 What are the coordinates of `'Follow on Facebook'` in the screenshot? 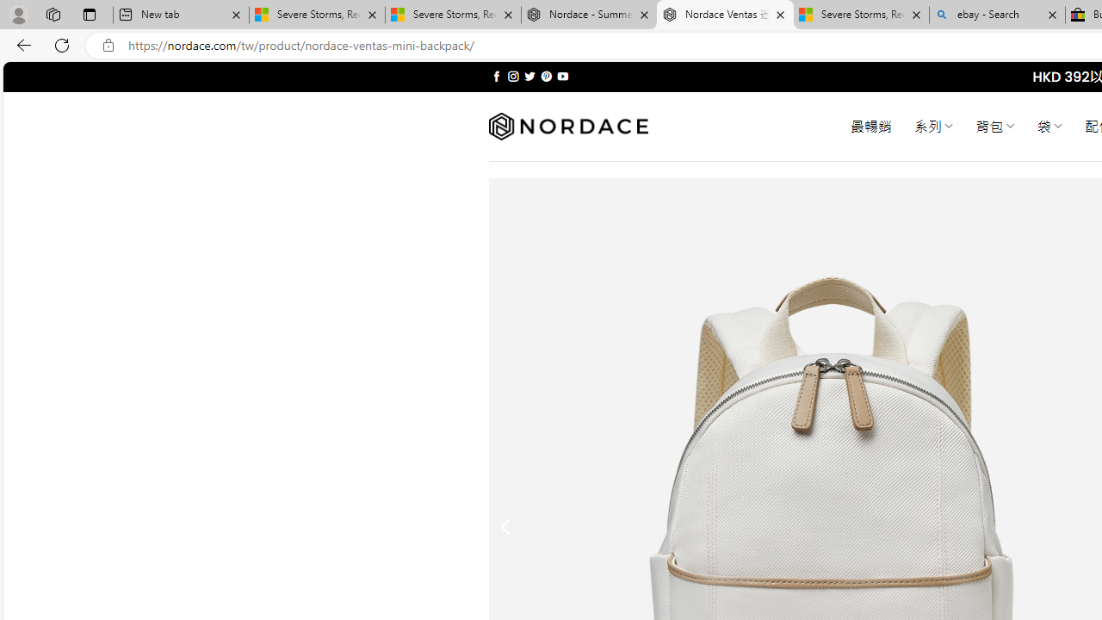 It's located at (496, 76).